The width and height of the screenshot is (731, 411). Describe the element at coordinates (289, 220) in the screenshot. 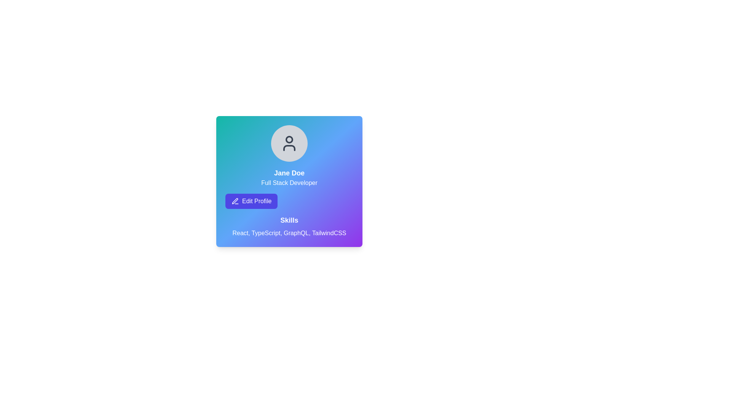

I see `the 'Skills' text label, which is displayed in bold, large sans-serif font, white in color, on a gradient background, located at the bottom-center of a card layout above the skills list and below the 'Edit Profile' button` at that location.